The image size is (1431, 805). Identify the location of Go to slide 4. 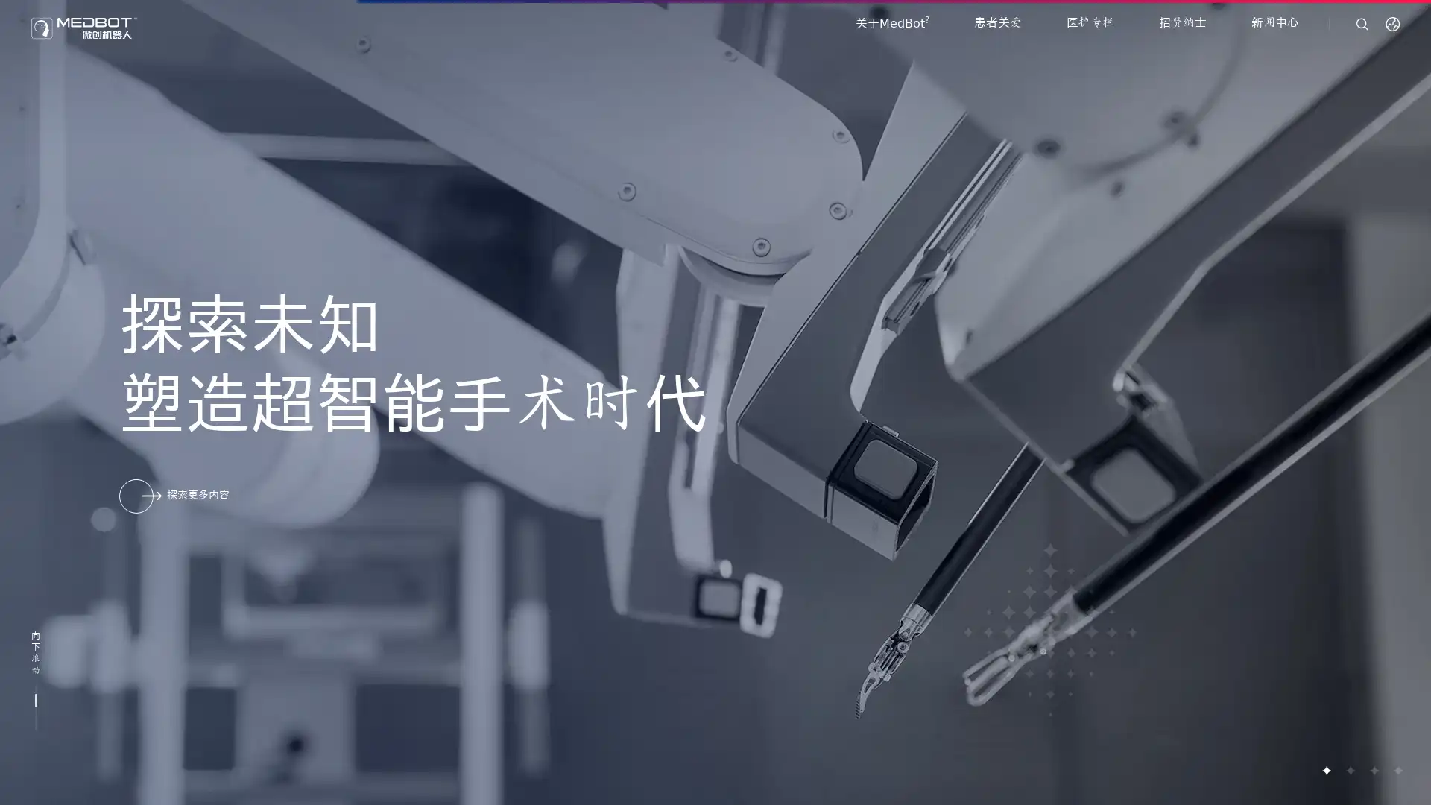
(1397, 770).